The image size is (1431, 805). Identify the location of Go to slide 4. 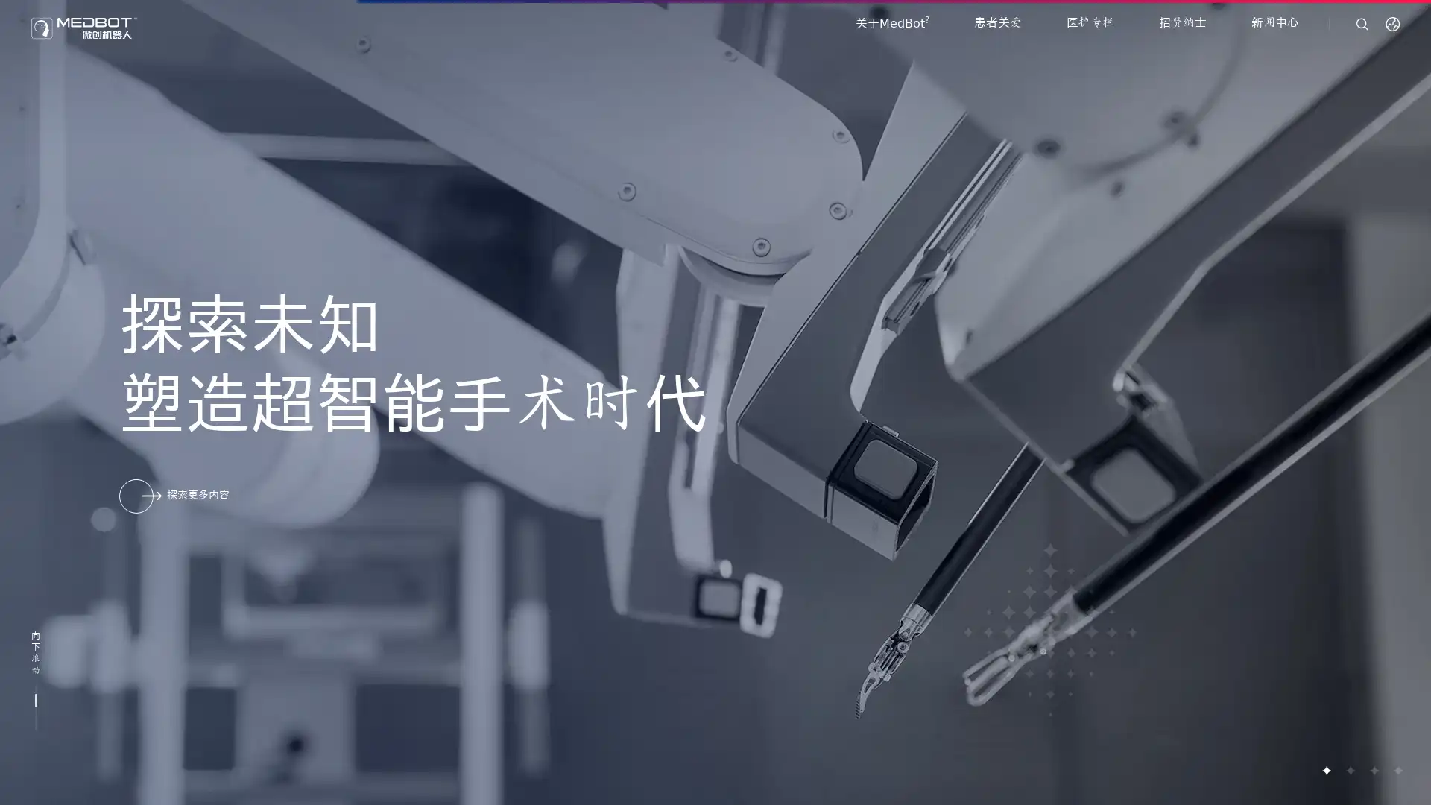
(1397, 770).